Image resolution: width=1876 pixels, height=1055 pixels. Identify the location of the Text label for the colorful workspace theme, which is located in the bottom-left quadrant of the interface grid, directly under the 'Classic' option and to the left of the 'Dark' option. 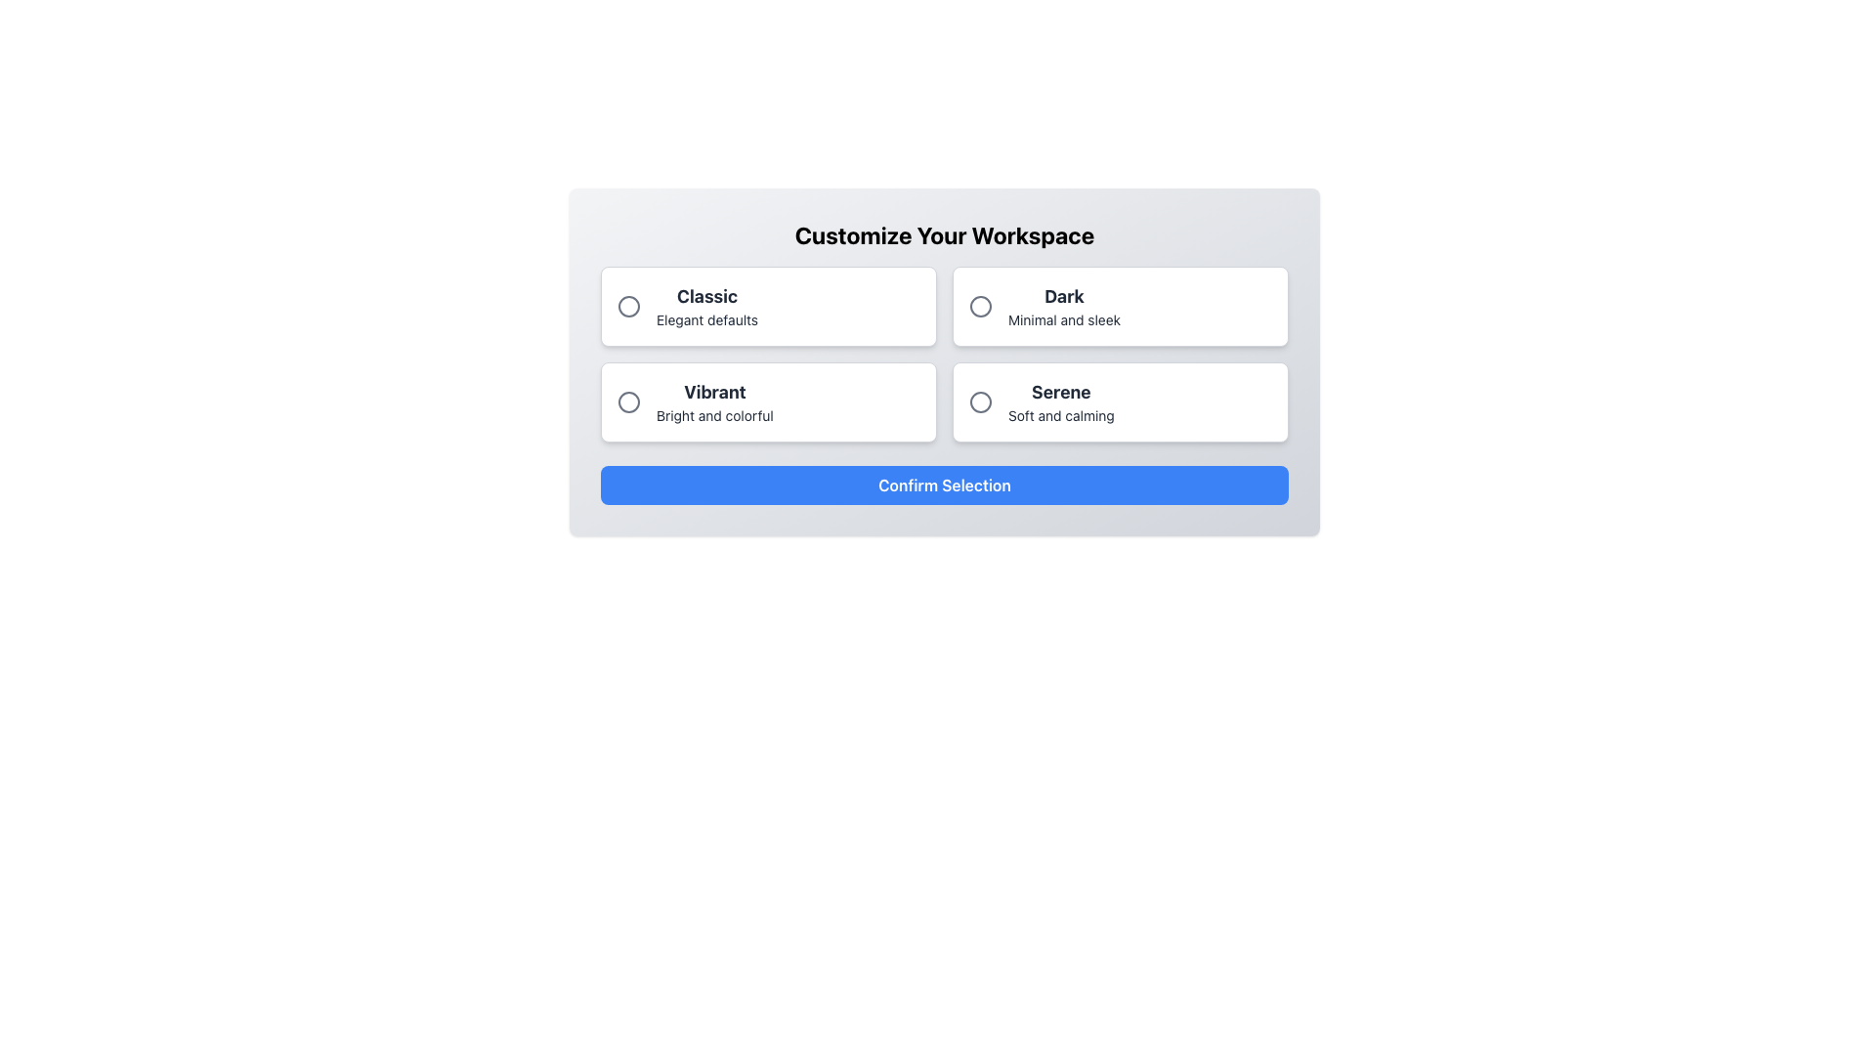
(713, 401).